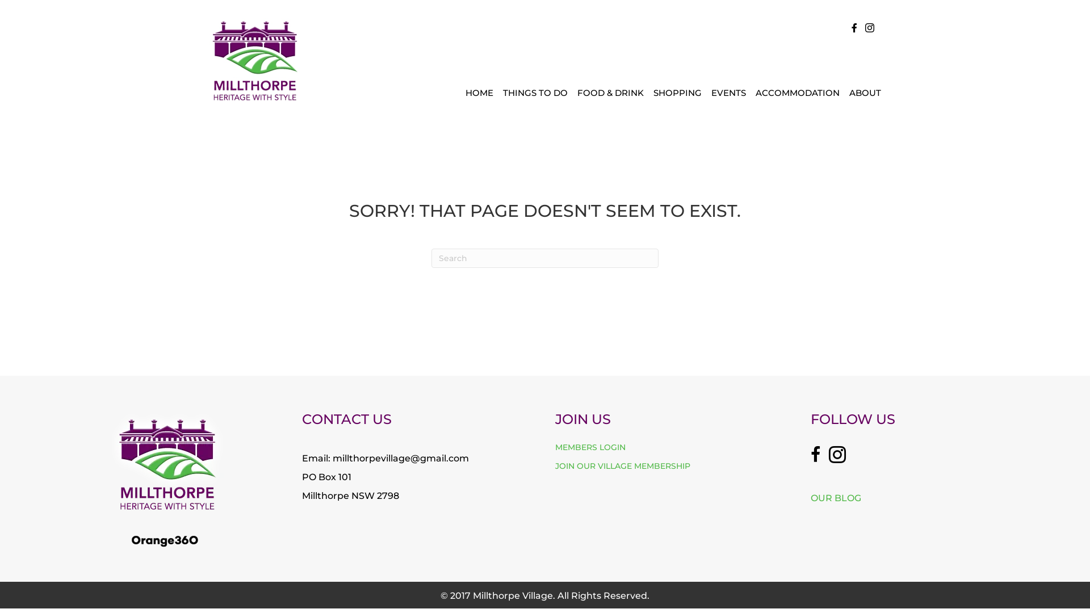  Describe the element at coordinates (836, 497) in the screenshot. I see `'OUR BLOG'` at that location.